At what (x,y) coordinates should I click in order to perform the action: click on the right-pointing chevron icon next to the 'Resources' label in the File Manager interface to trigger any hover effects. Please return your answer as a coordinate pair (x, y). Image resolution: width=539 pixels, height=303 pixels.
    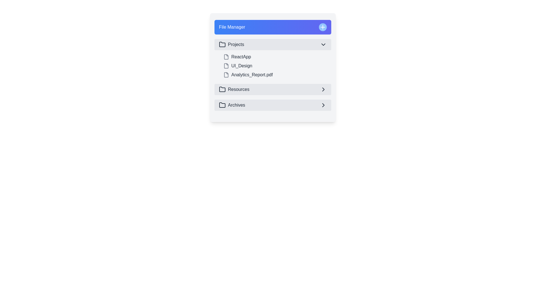
    Looking at the image, I should click on (323, 89).